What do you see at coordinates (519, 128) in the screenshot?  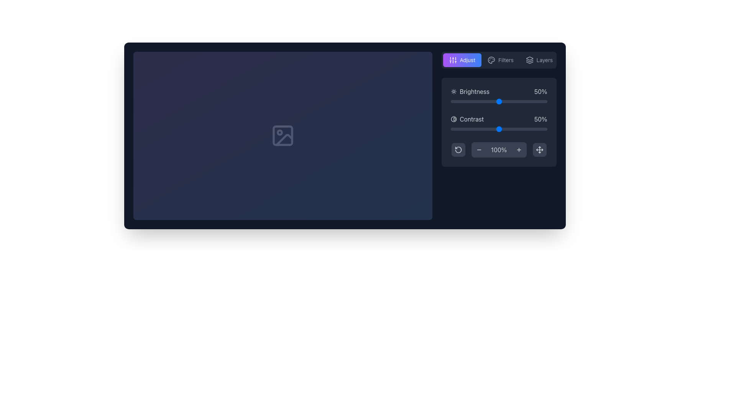 I see `the contrast` at bounding box center [519, 128].